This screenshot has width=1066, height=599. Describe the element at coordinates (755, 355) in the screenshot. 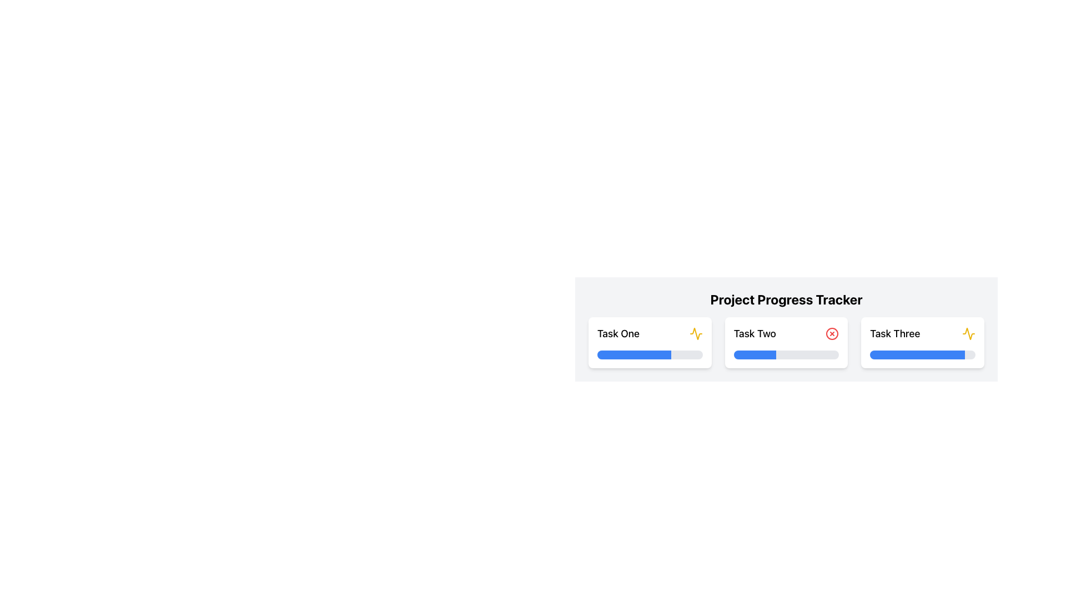

I see `style properties of the horizontal progress bar with rounded ends, which is filled to 40% and located in the second card (Task Two) of the project progress tracker` at that location.